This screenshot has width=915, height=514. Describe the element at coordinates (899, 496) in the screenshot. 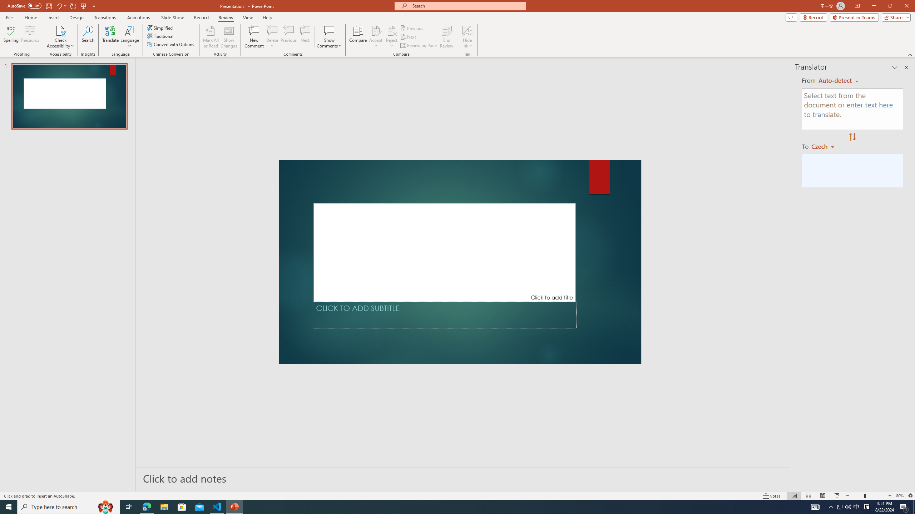

I see `'Zoom 80%'` at that location.